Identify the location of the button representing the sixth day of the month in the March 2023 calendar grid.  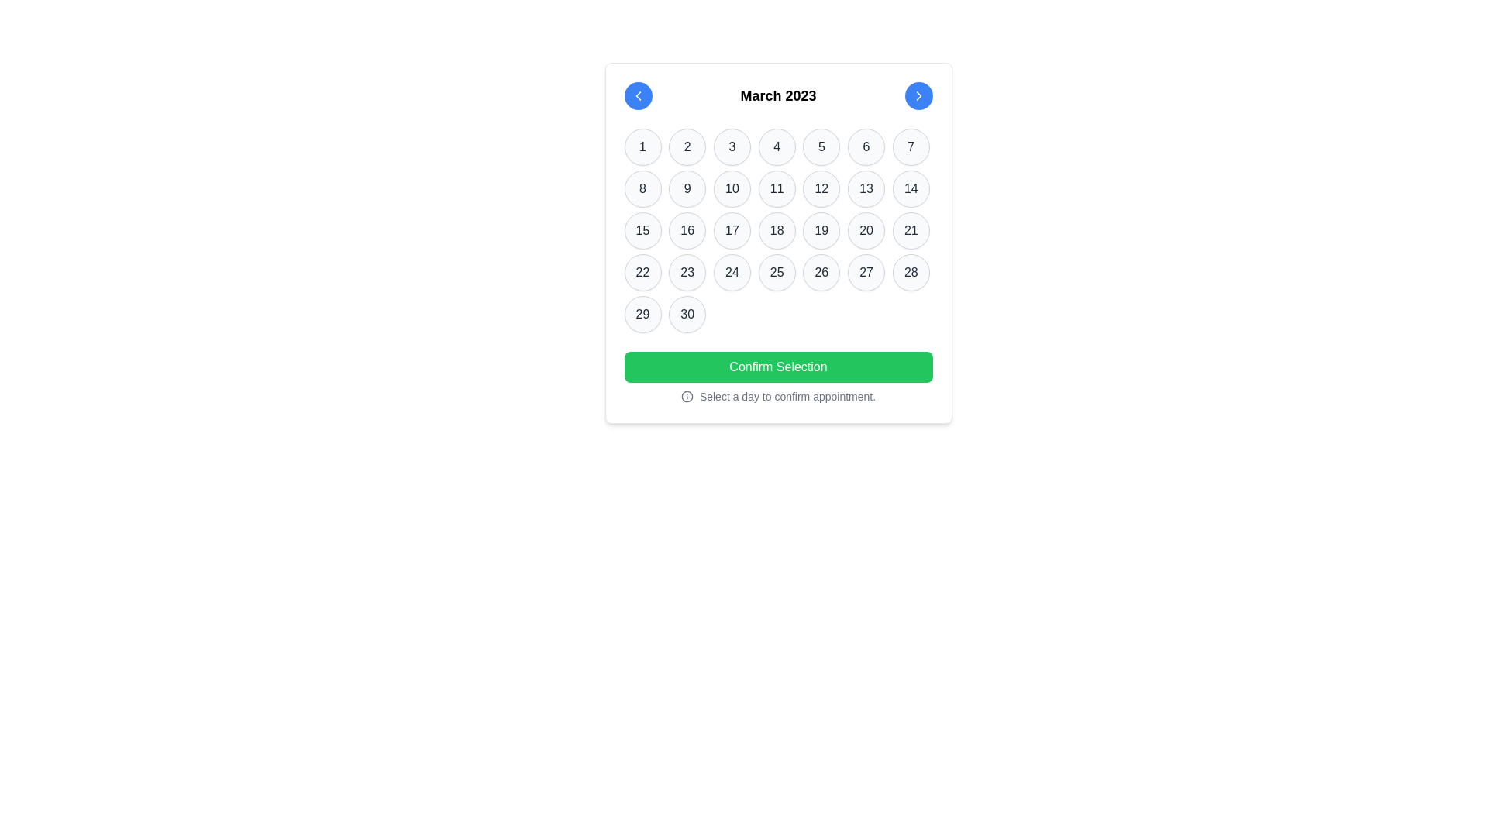
(866, 146).